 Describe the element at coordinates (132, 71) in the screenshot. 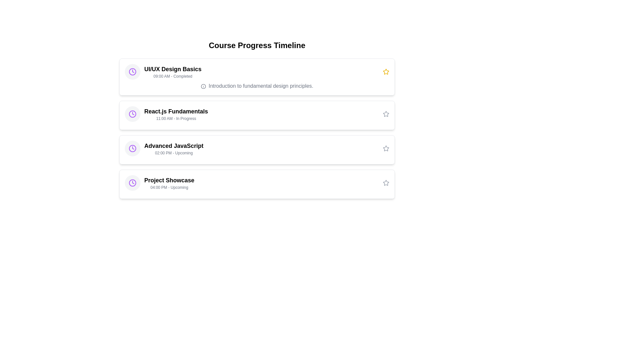

I see `the icon representing the course 'UI/UX Design Basics' with a clock glyph, located at the beginning of its row in the Course Progress Timeline` at that location.